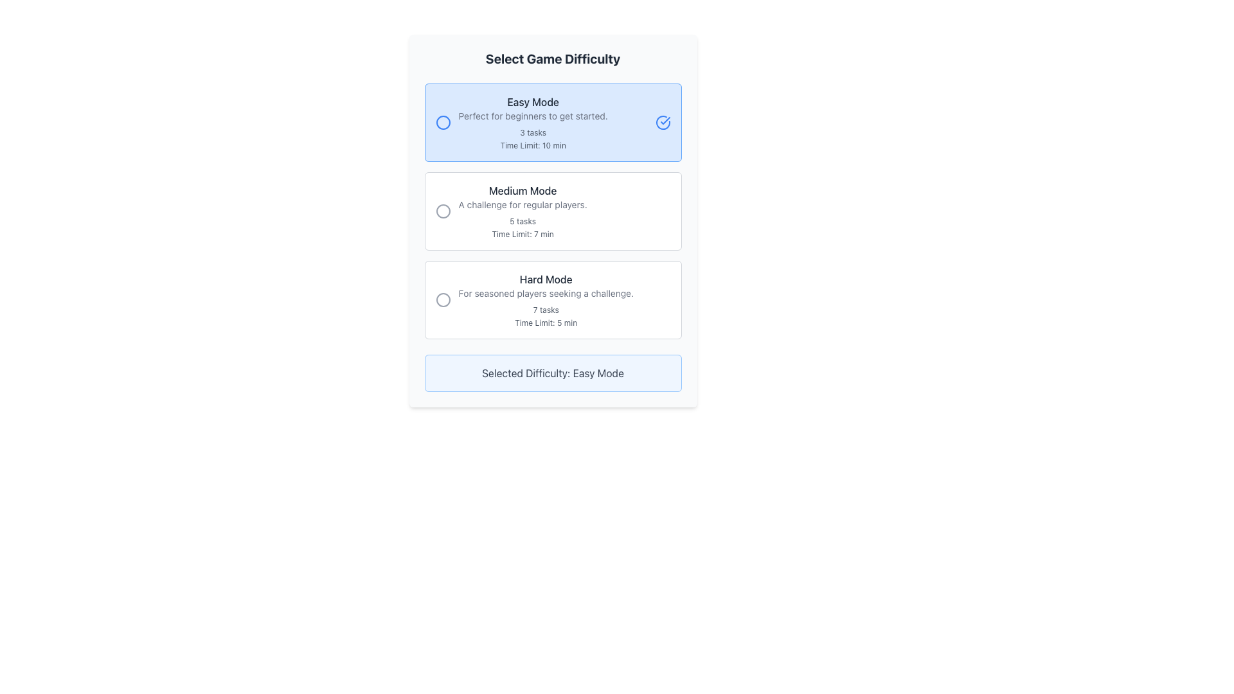 The image size is (1234, 694). I want to click on the Text Display that shows 'Selected Difficulty: Easy Mode' with a light blue background, gray text, and rounded corners, located below the 'Hard Mode' selection in the vertical list, so click(553, 373).